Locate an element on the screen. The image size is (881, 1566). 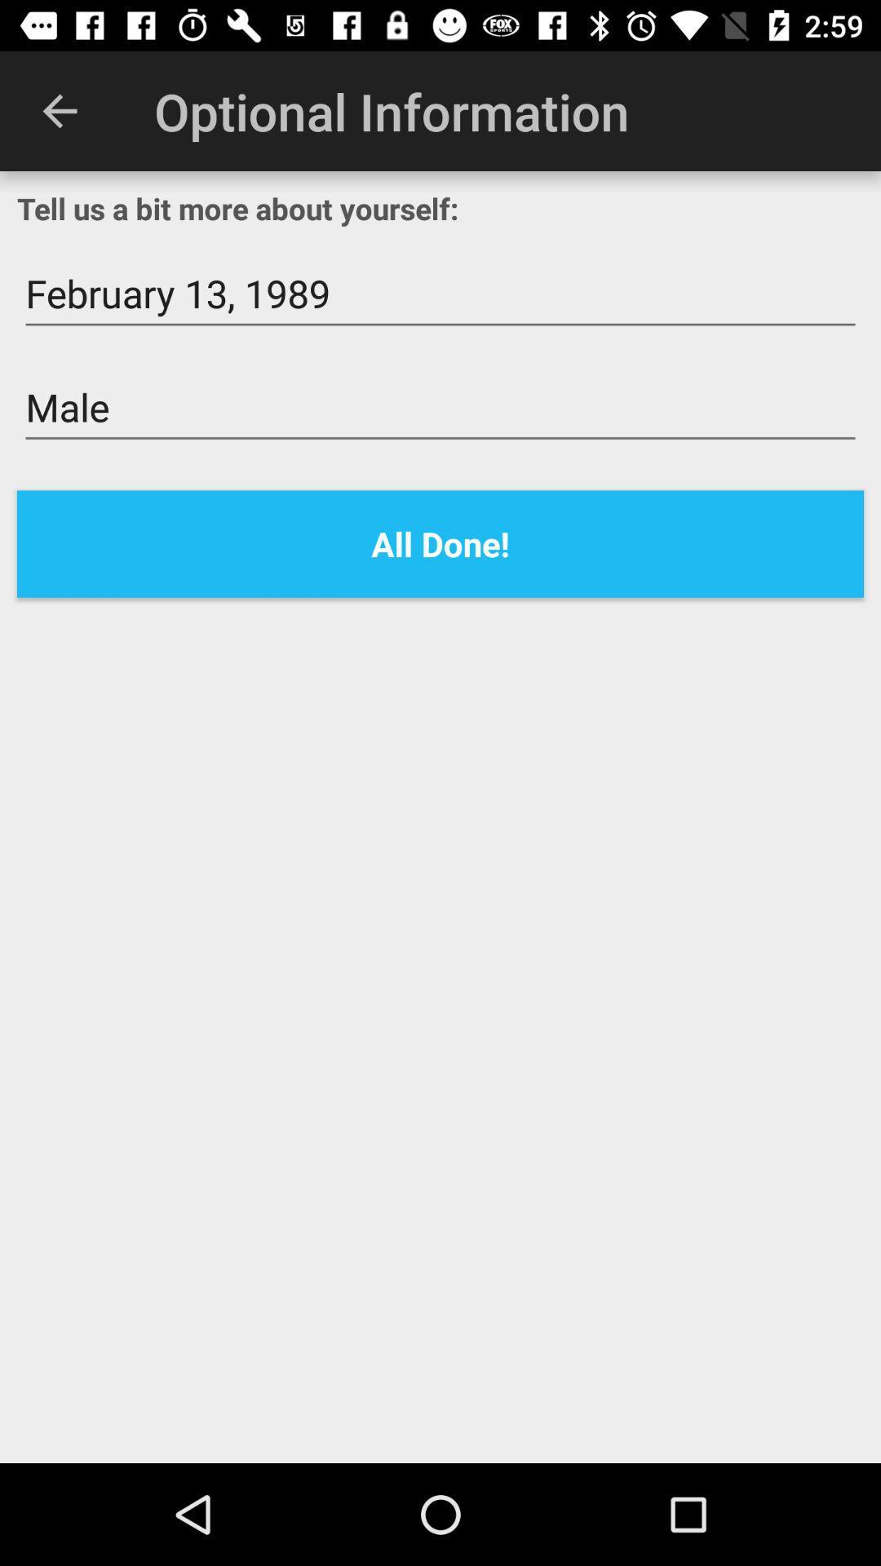
all done! item is located at coordinates (440, 544).